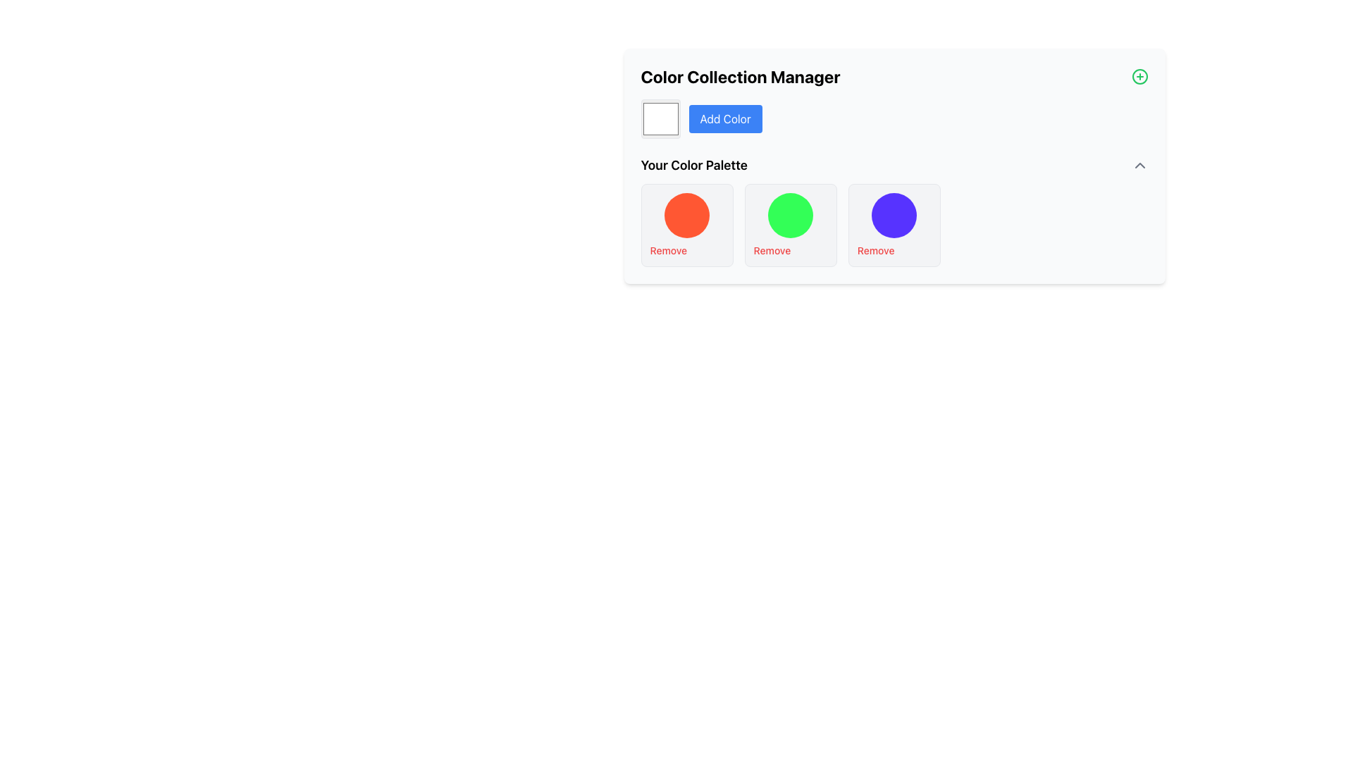 The width and height of the screenshot is (1353, 761). Describe the element at coordinates (660, 118) in the screenshot. I see `the Color input box` at that location.